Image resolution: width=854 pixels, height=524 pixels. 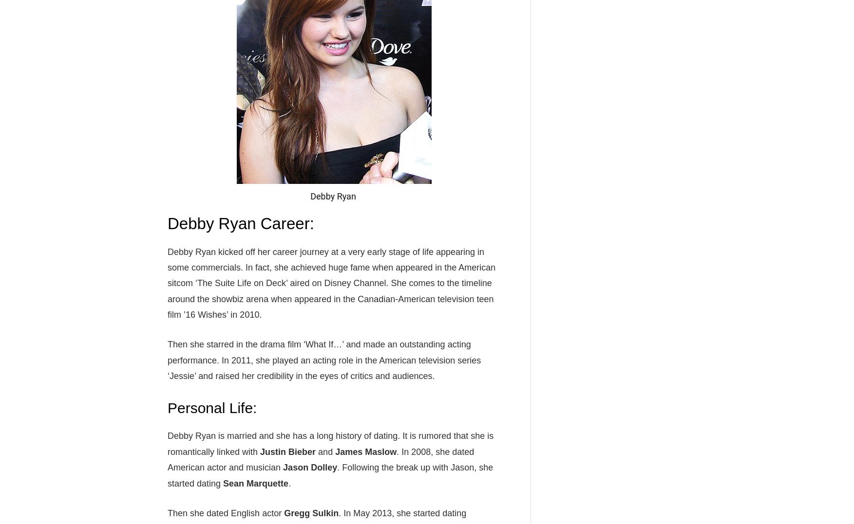 I want to click on 'Gregg Sulkin', so click(x=311, y=512).